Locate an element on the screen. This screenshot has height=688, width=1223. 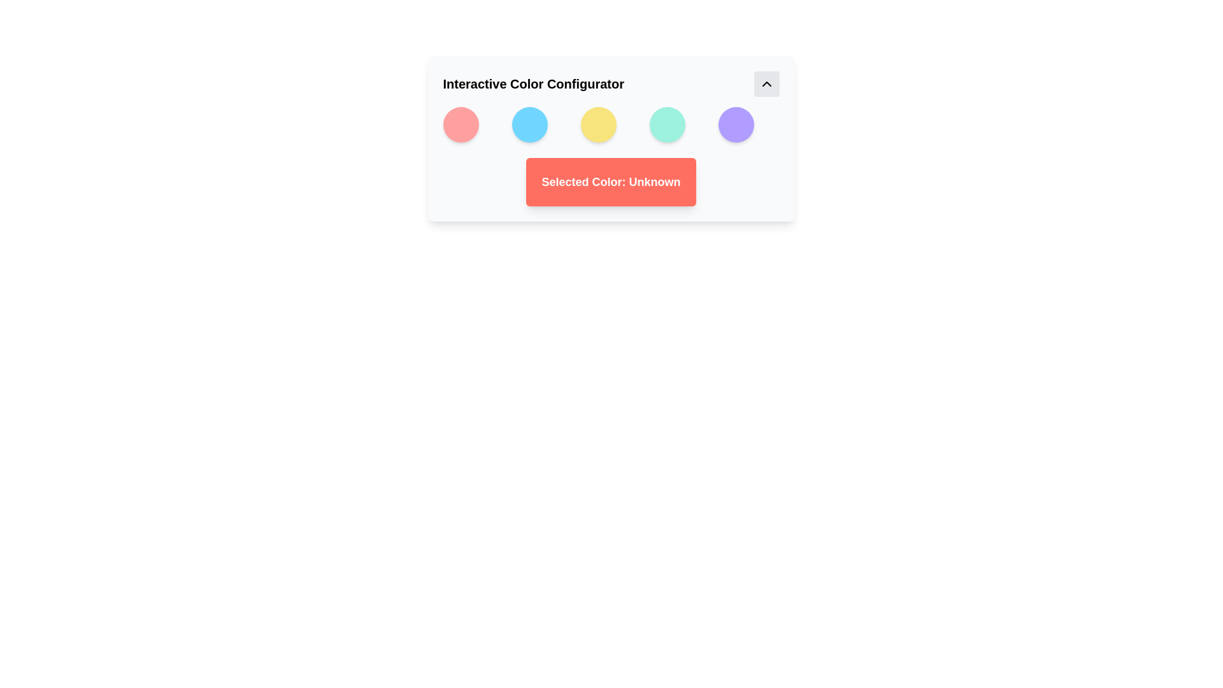
the third color option button located below the 'Interactive Color Configurator' heading is located at coordinates (610, 139).